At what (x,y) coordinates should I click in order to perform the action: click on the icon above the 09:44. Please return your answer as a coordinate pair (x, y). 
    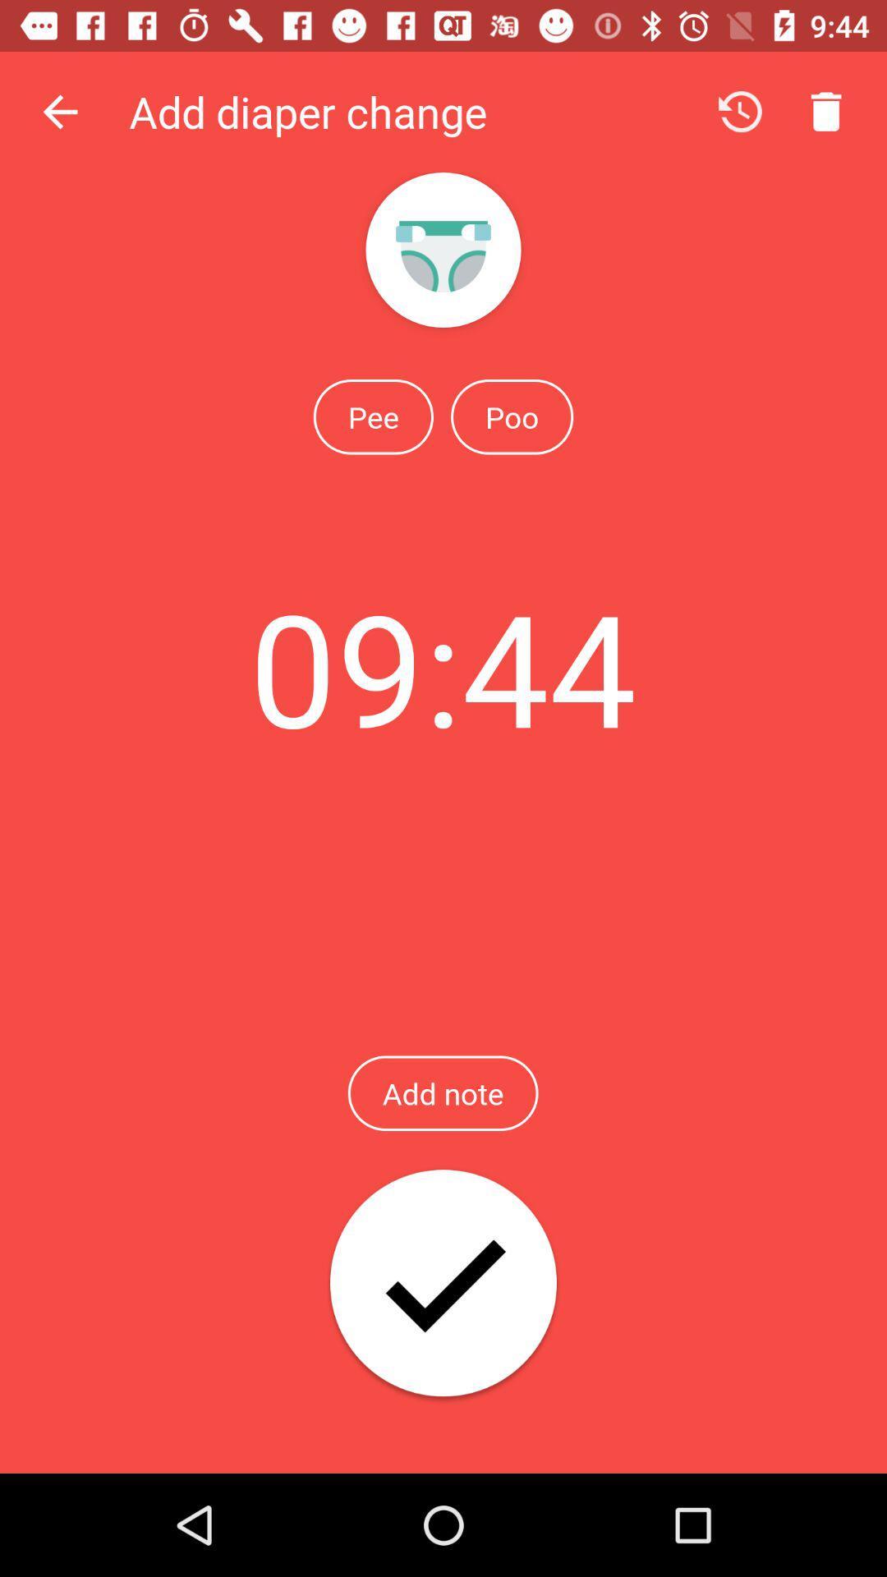
    Looking at the image, I should click on (511, 416).